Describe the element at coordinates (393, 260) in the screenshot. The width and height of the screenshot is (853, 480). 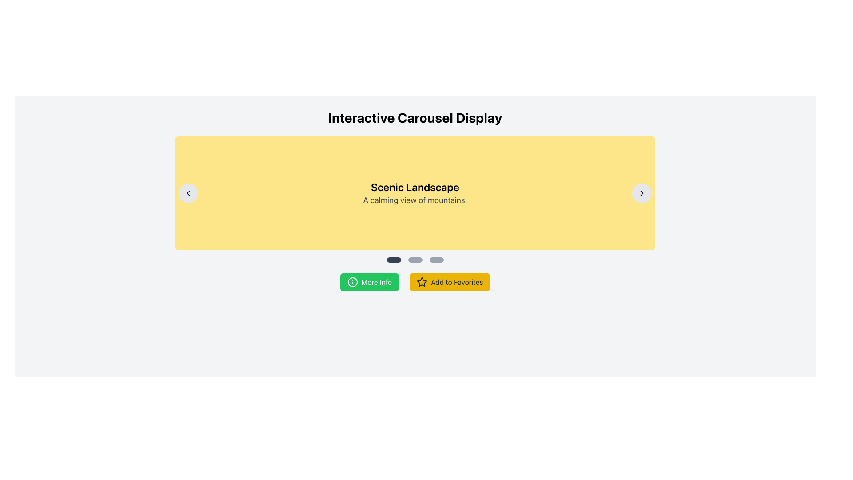
I see `the first Navigation Indicator, which is a visual and interactive element for navigating a carousel display, positioned horizontally below the central image` at that location.